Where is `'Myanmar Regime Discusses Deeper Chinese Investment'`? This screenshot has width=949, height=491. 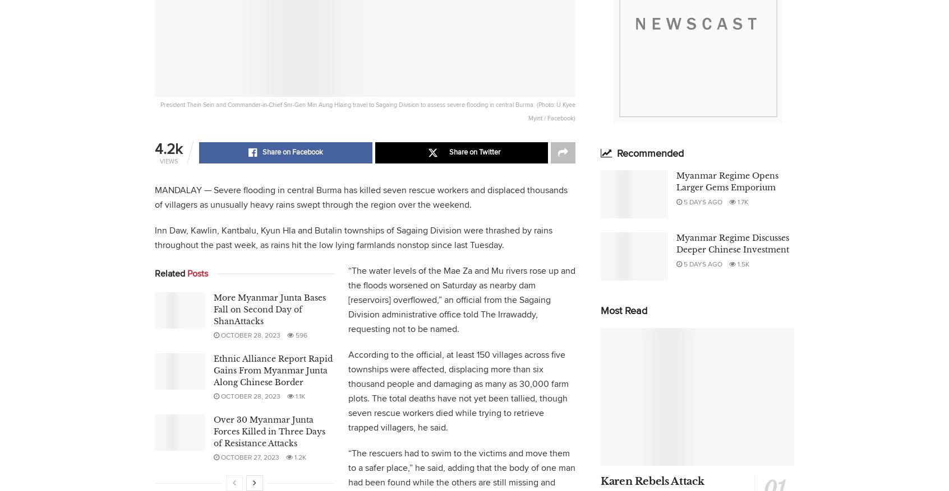 'Myanmar Regime Discusses Deeper Chinese Investment' is located at coordinates (732, 242).